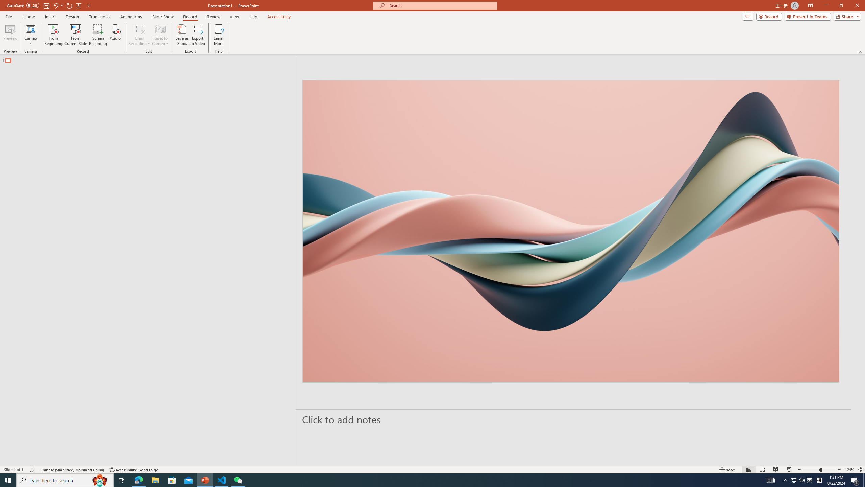 This screenshot has height=487, width=865. I want to click on 'Zoom 124%', so click(850, 470).